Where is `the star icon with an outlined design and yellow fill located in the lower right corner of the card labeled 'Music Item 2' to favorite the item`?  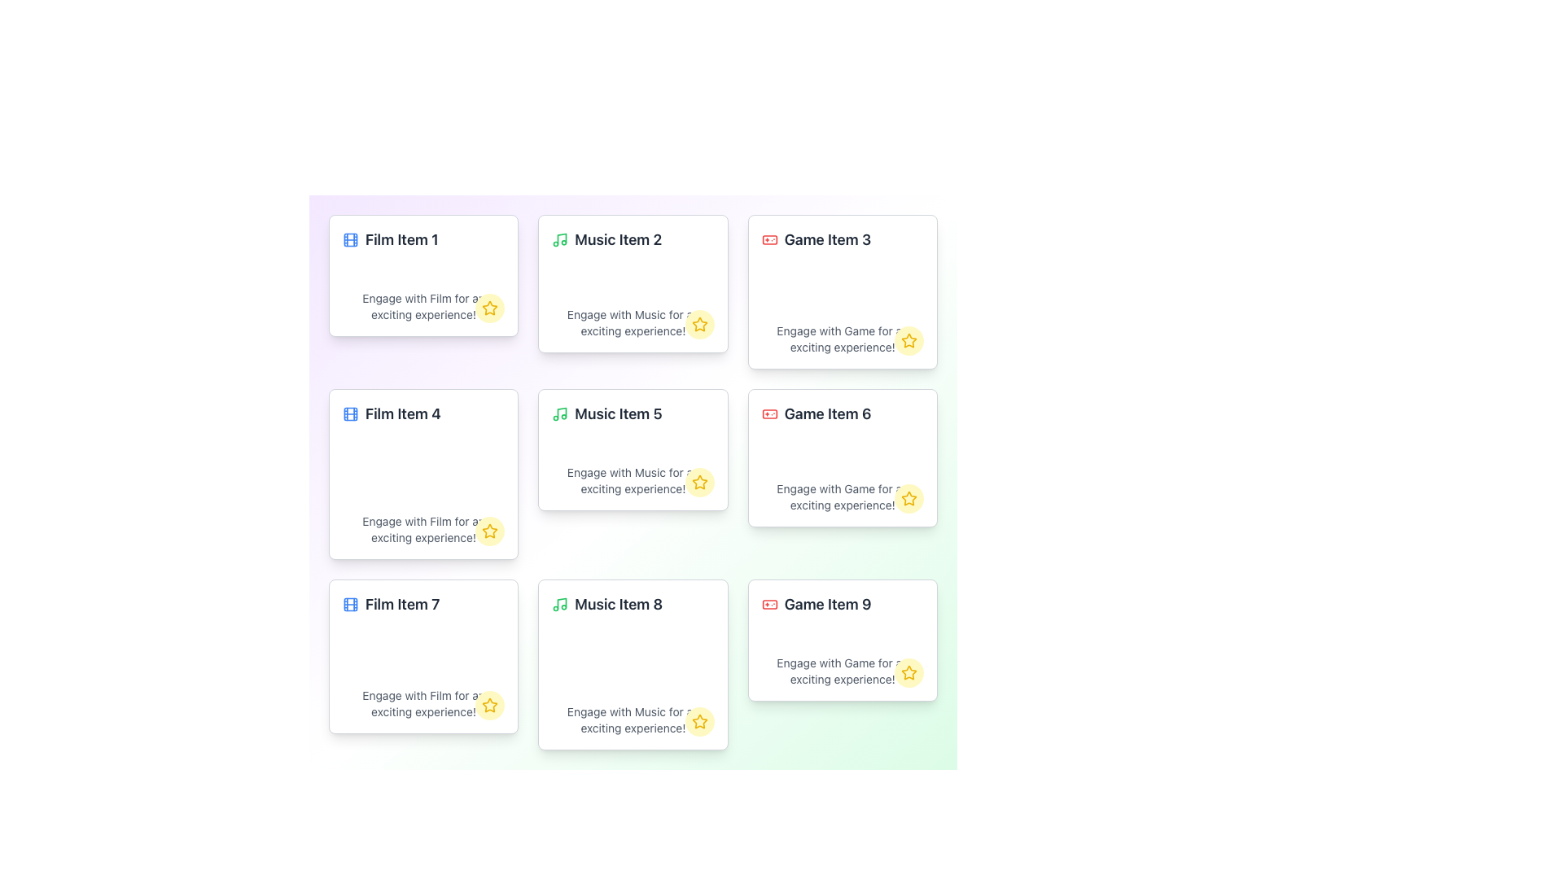
the star icon with an outlined design and yellow fill located in the lower right corner of the card labeled 'Music Item 2' to favorite the item is located at coordinates (699, 324).